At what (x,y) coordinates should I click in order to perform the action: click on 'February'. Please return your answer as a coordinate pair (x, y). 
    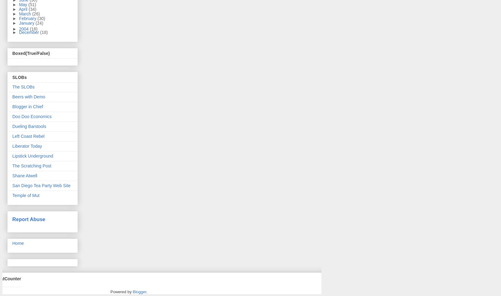
    Looking at the image, I should click on (28, 18).